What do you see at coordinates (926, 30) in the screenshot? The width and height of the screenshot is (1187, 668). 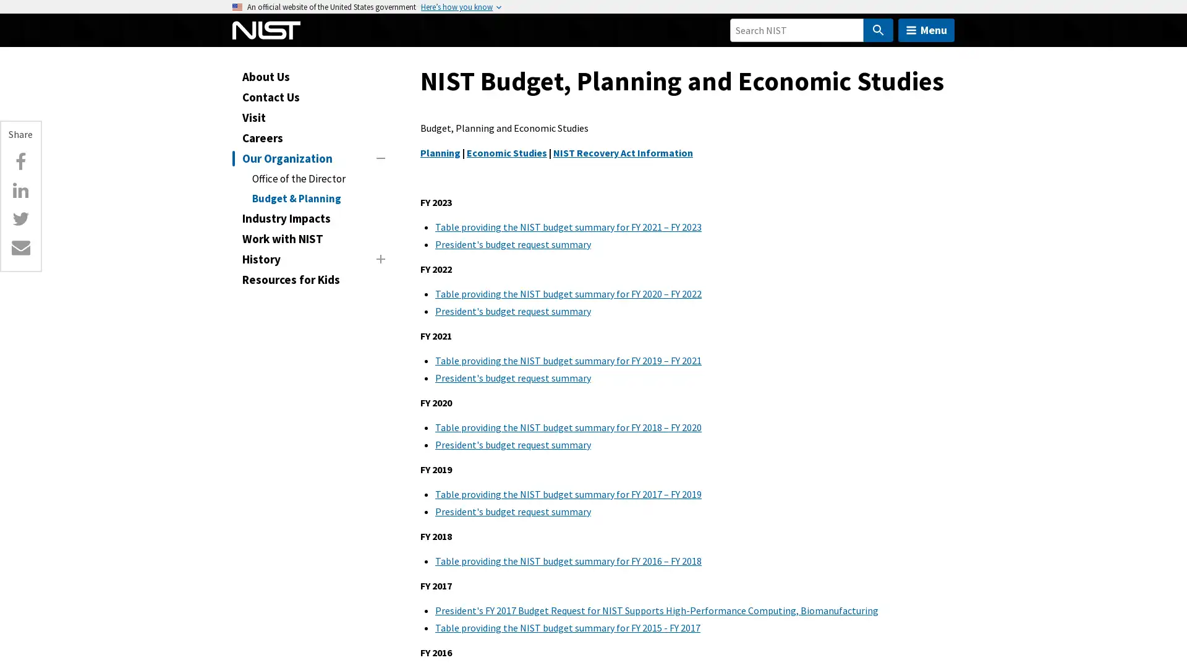 I see `Menu` at bounding box center [926, 30].